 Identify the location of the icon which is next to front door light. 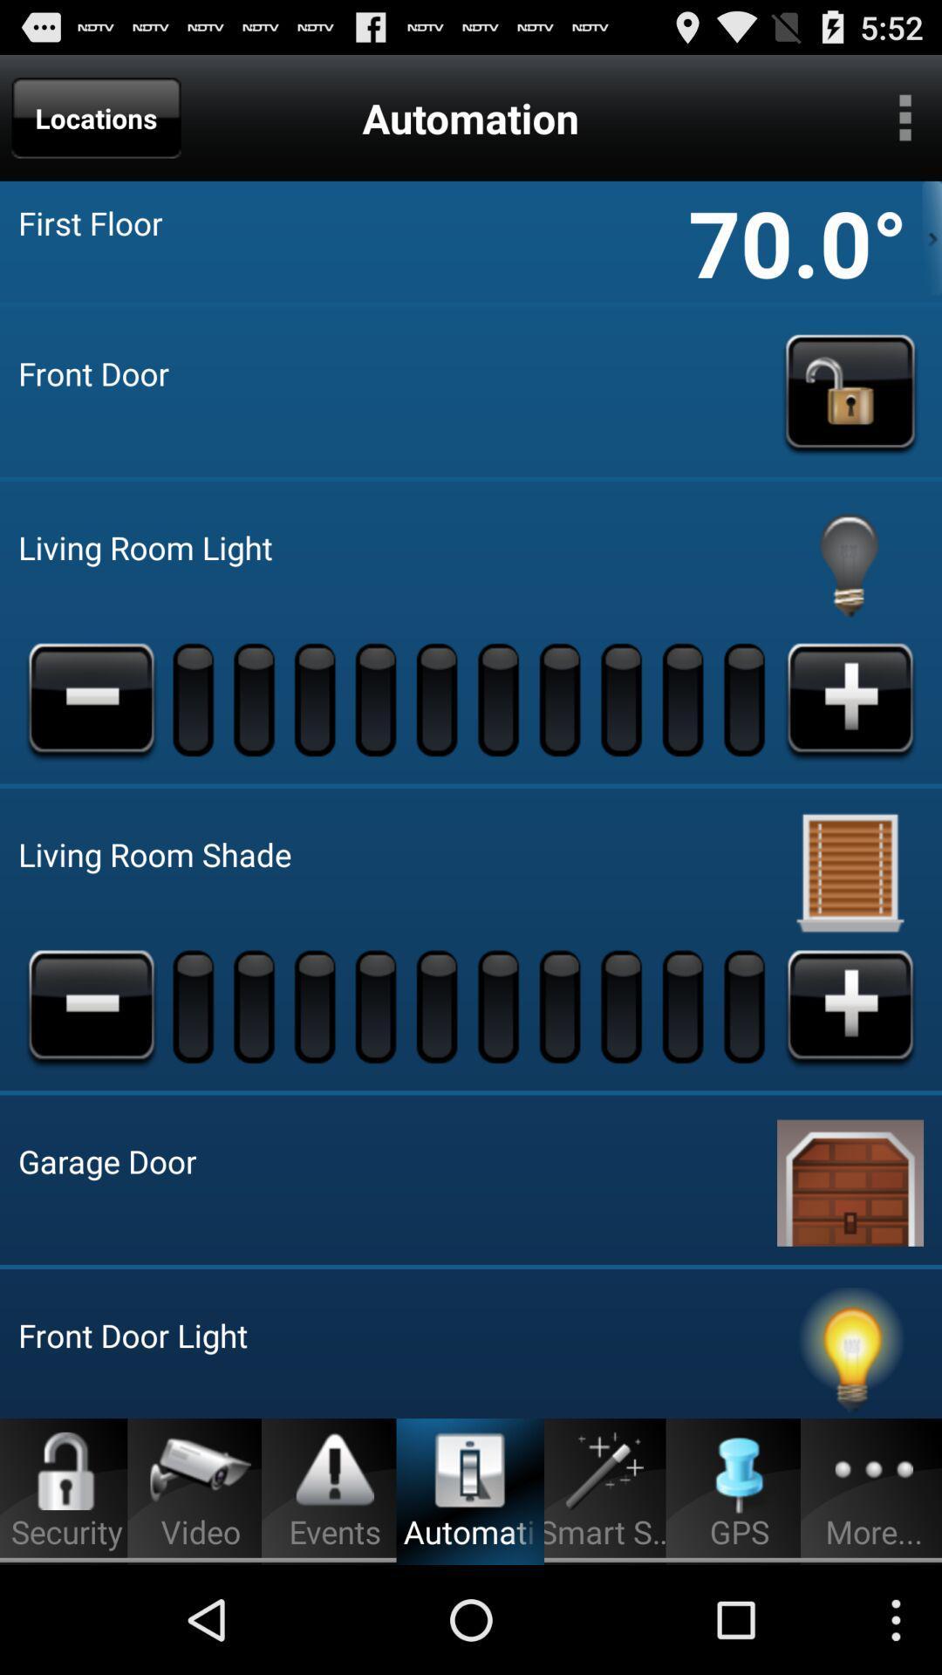
(850, 1351).